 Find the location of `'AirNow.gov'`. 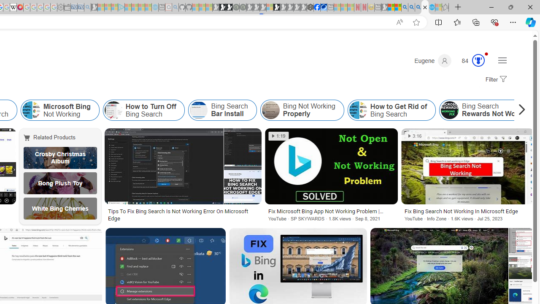

'AirNow.gov' is located at coordinates (323, 7).